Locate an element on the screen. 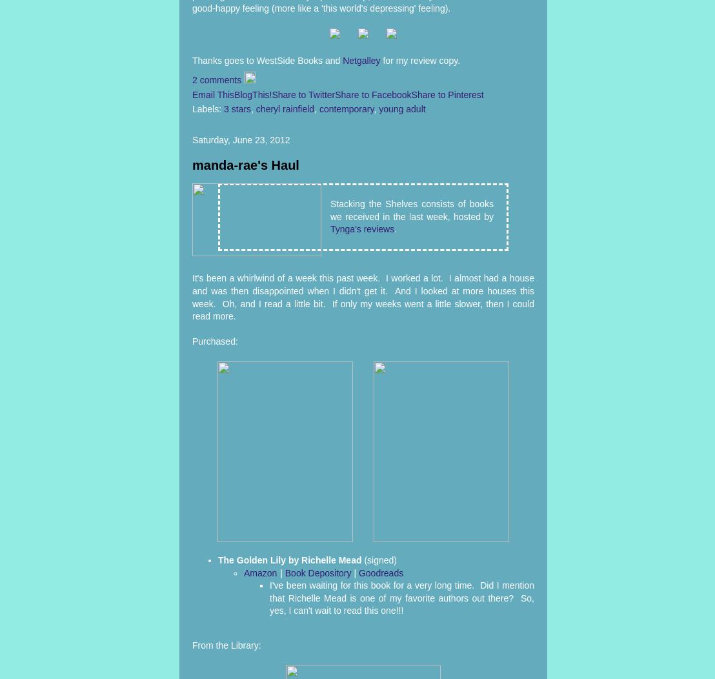  'The Golden Lily by Richelle Mead' is located at coordinates (288, 560).